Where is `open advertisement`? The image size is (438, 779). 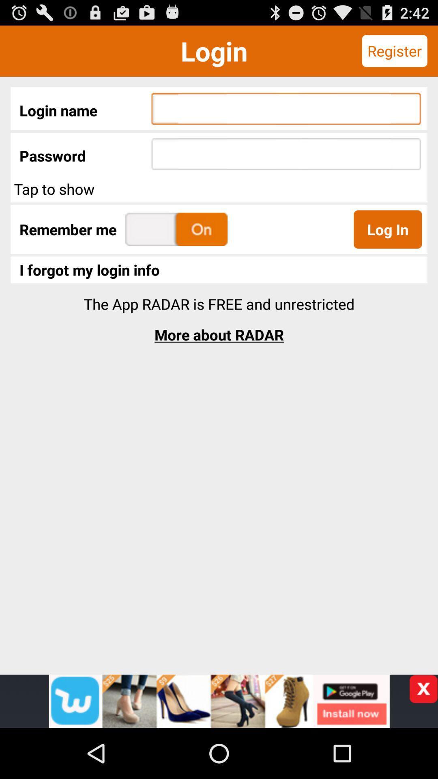 open advertisement is located at coordinates (219, 701).